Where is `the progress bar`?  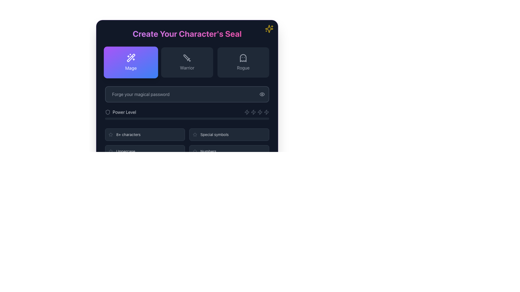
the progress bar is located at coordinates (179, 118).